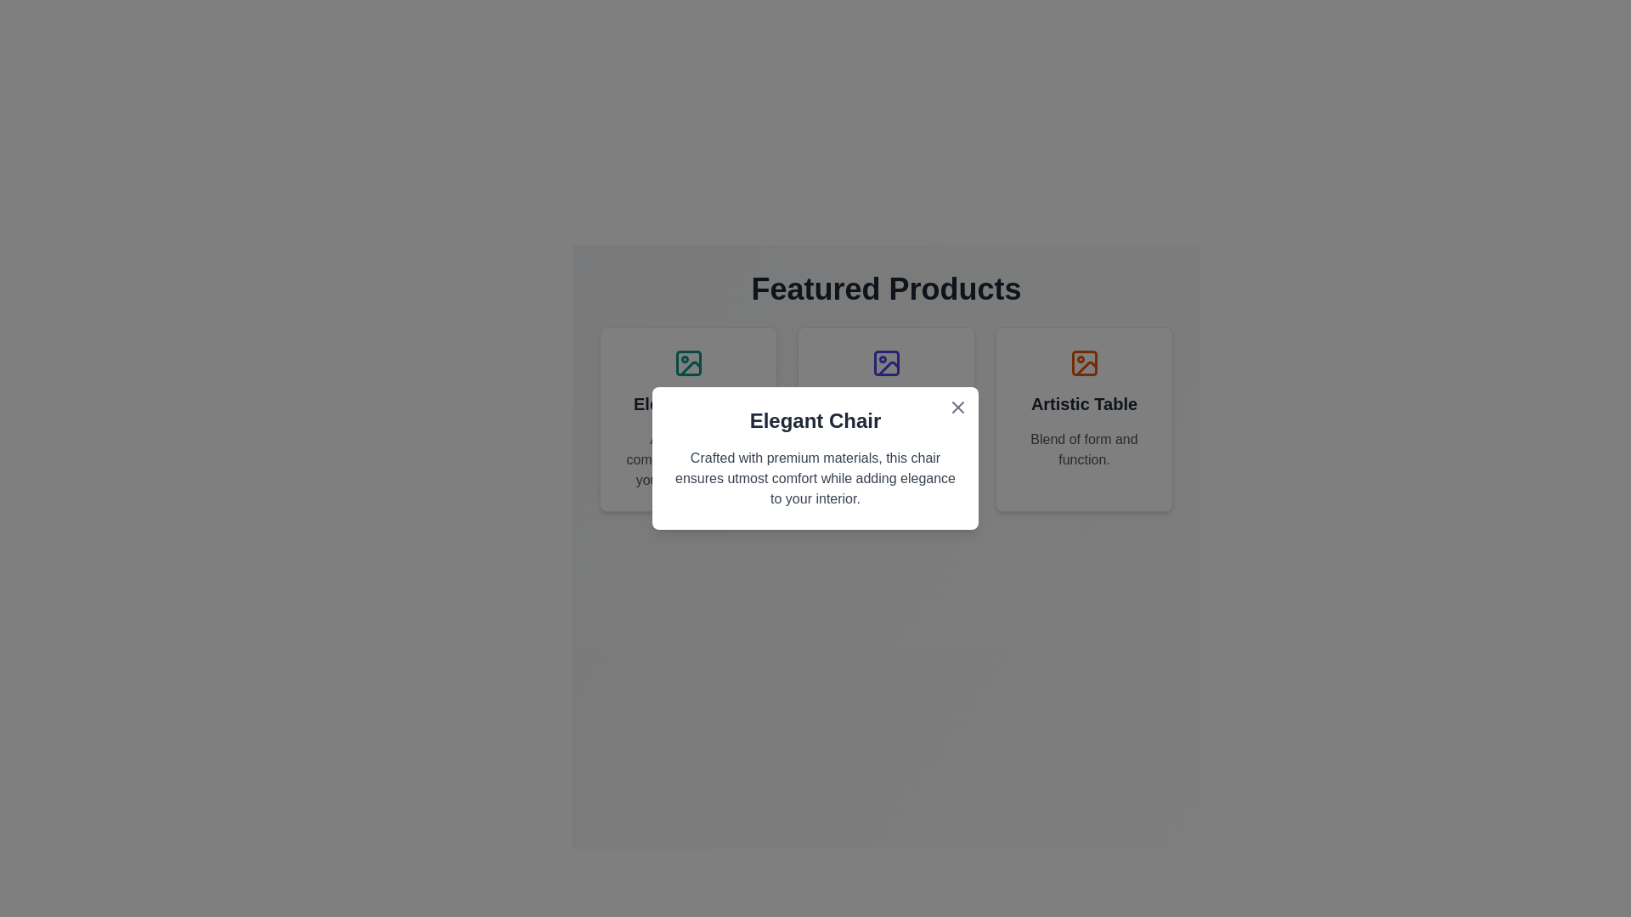 Image resolution: width=1631 pixels, height=917 pixels. Describe the element at coordinates (1083, 363) in the screenshot. I see `the orange outlined photo icon with a small circle in the top-left corner and a triangular shape at the bottom, located at the top center of the 'Artistic Table' card` at that location.